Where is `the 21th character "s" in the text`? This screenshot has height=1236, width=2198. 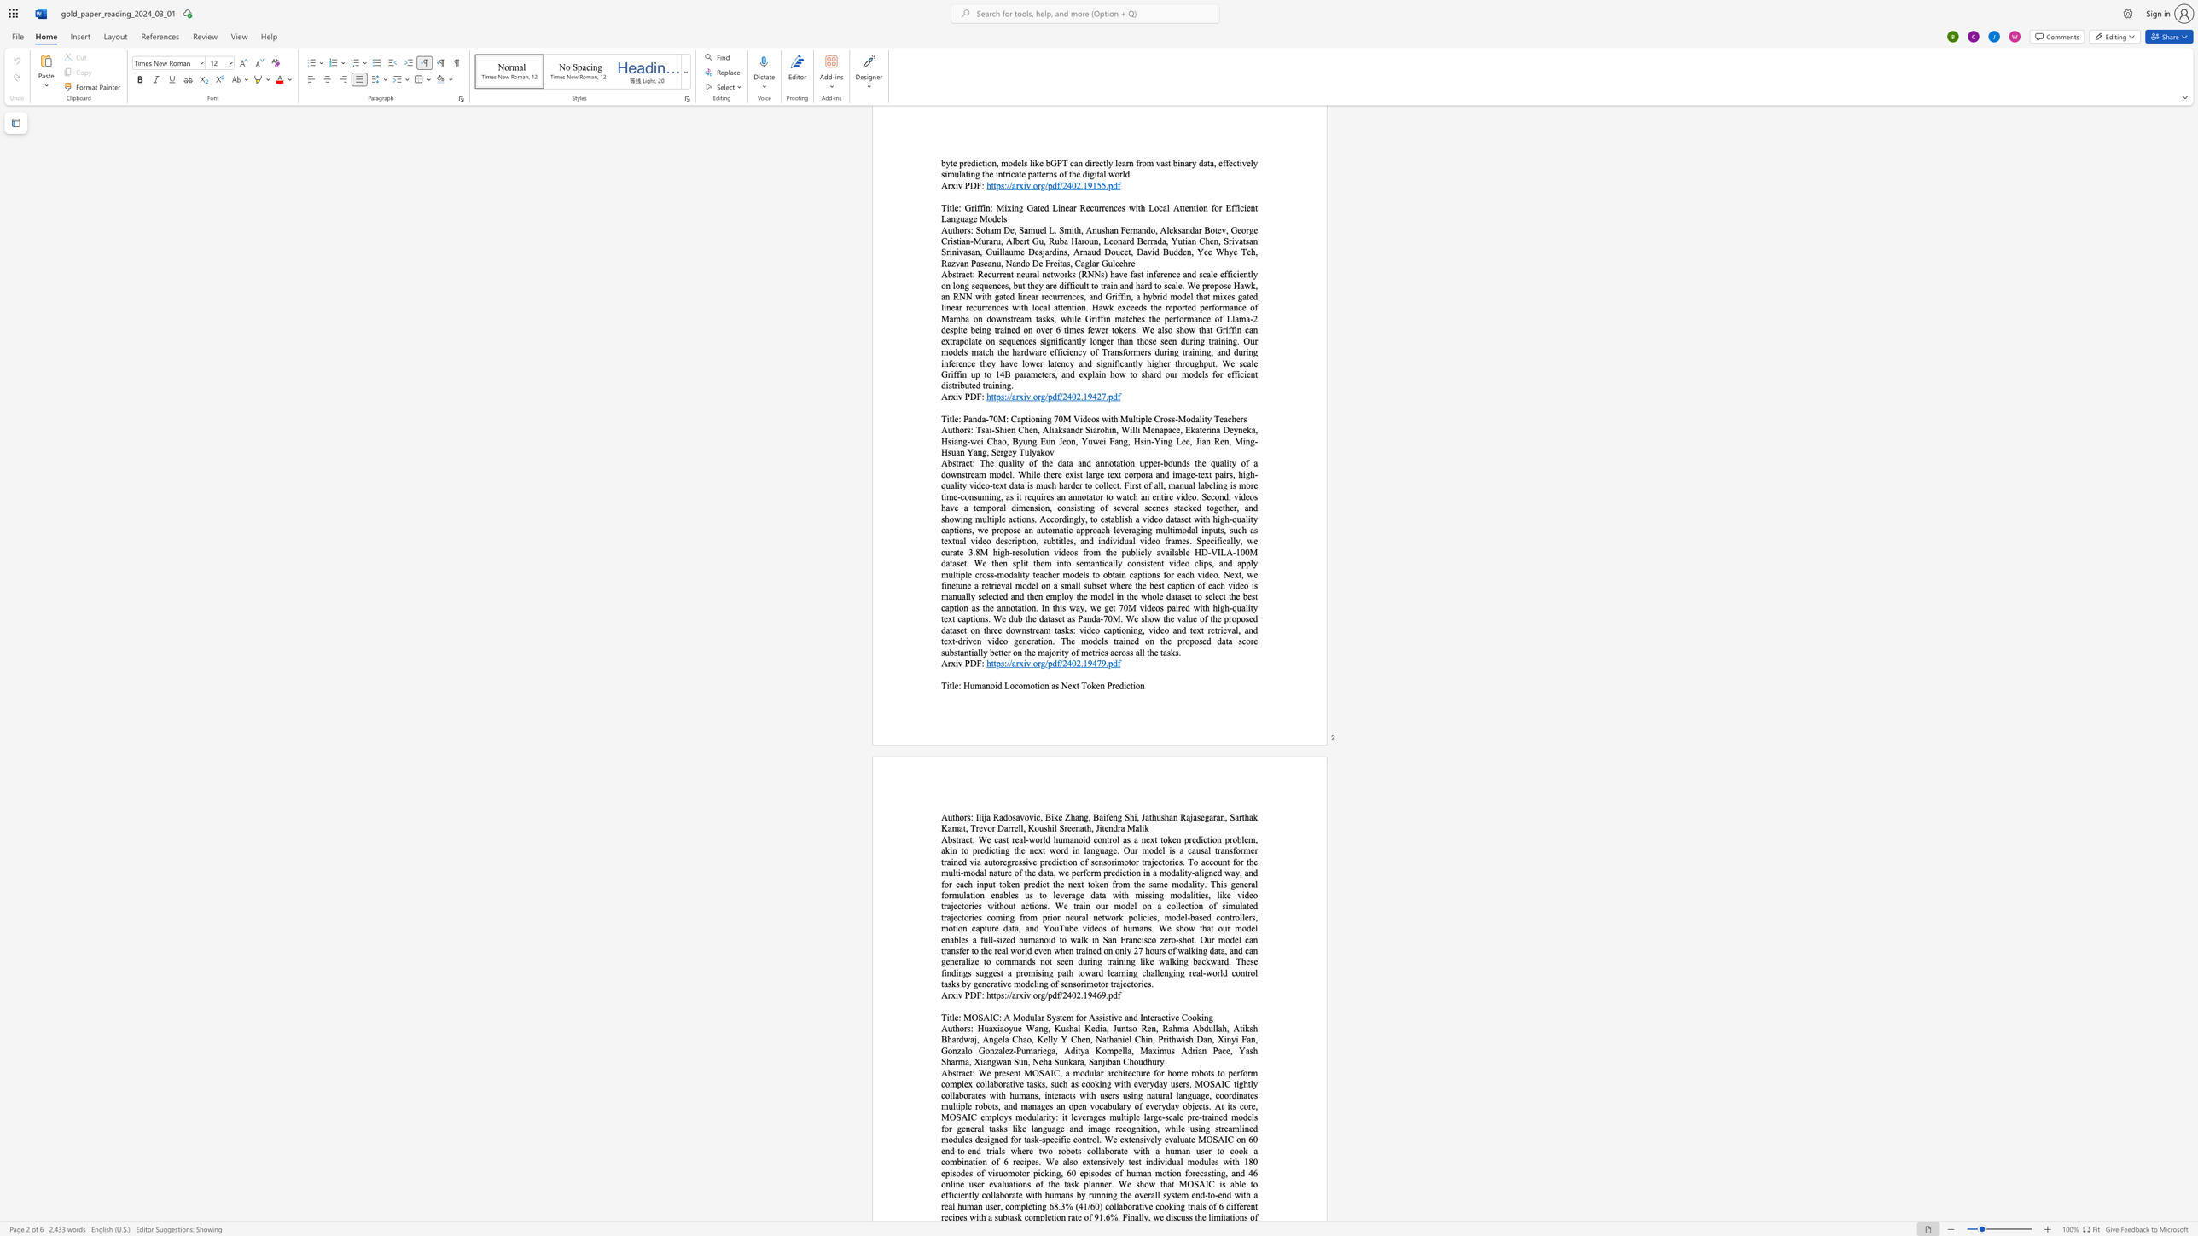
the 21th character "s" in the text is located at coordinates (980, 917).